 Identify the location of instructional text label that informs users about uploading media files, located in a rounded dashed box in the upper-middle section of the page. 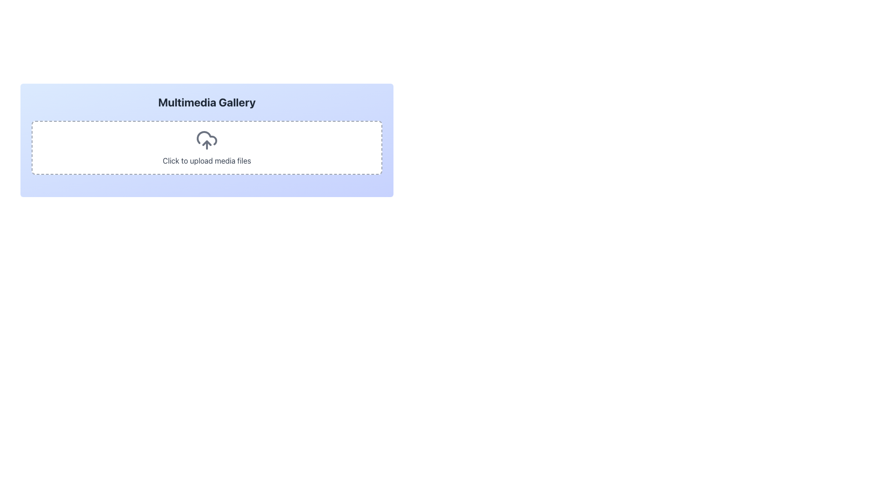
(207, 160).